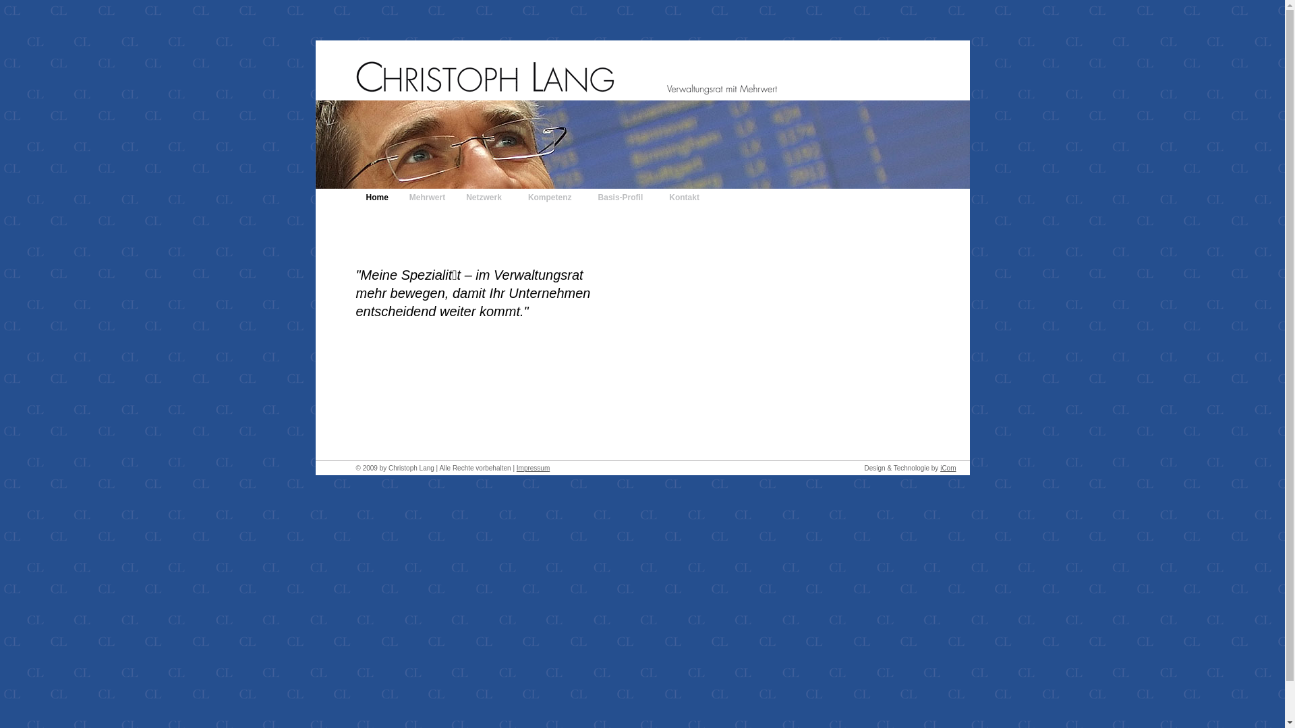 The width and height of the screenshot is (1295, 728). I want to click on 'Netzwerk', so click(456, 198).